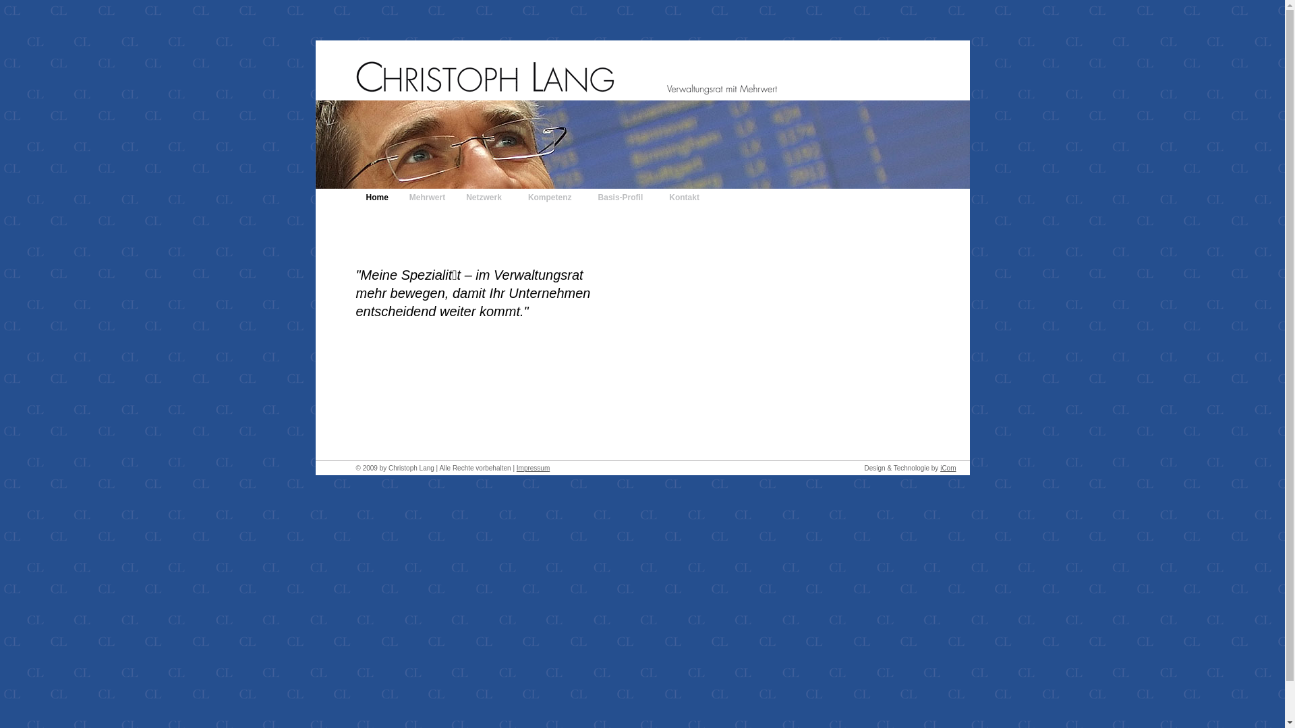 The width and height of the screenshot is (1295, 728). I want to click on 'Netzwerk', so click(456, 198).